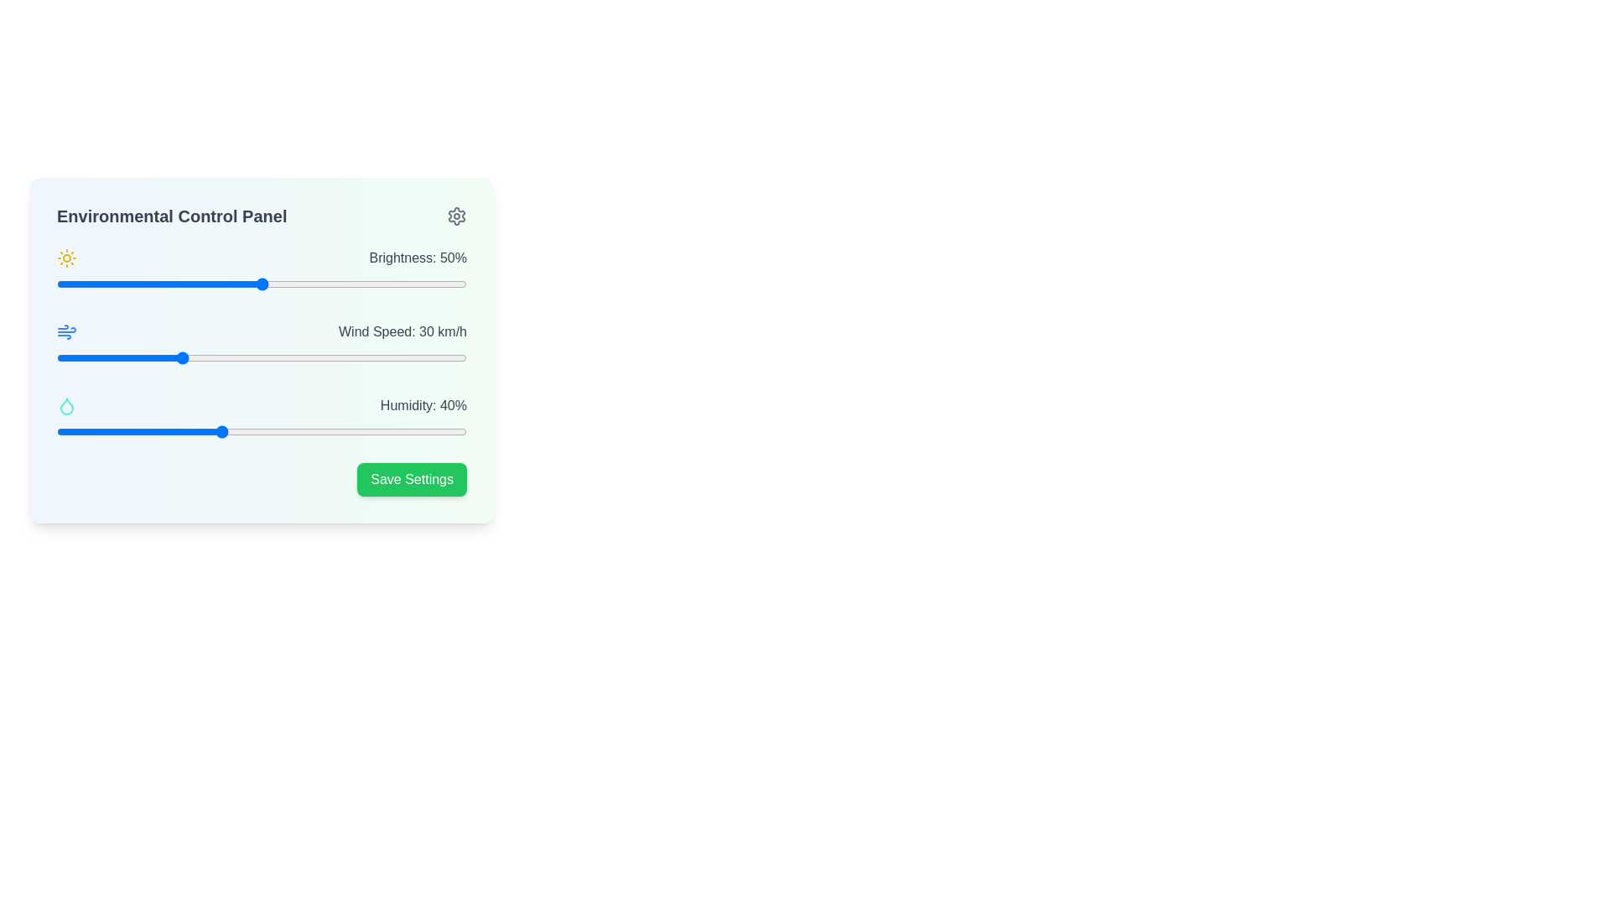 The height and width of the screenshot is (906, 1610). I want to click on brightness, so click(294, 284).